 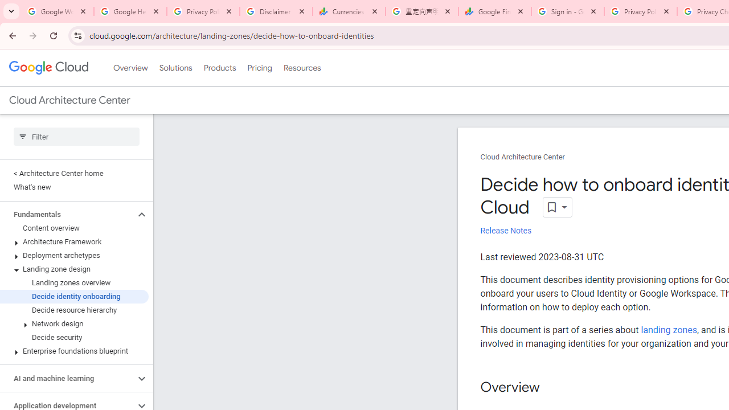 What do you see at coordinates (67, 214) in the screenshot?
I see `'Fundamentals'` at bounding box center [67, 214].